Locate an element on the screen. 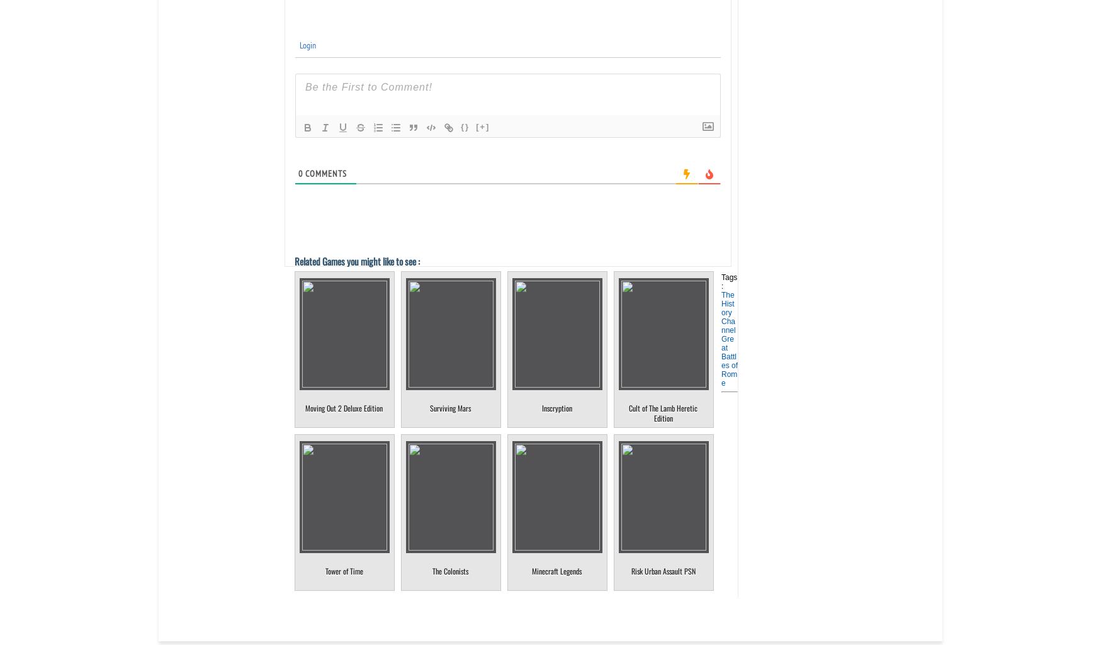  '{}' is located at coordinates (460, 126).